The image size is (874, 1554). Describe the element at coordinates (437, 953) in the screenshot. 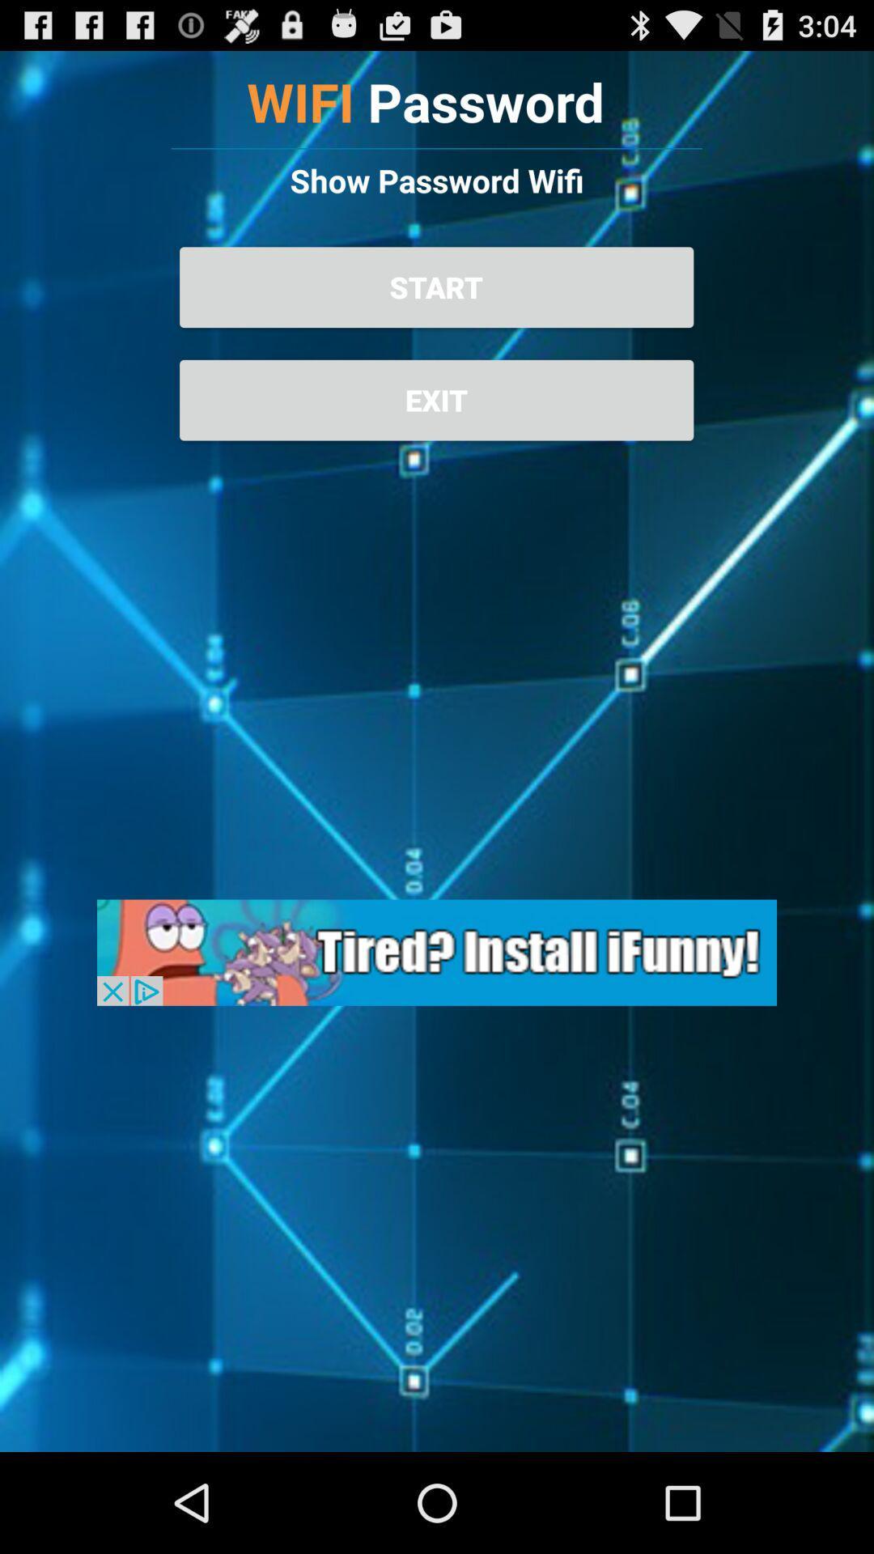

I see `advertisement banner` at that location.